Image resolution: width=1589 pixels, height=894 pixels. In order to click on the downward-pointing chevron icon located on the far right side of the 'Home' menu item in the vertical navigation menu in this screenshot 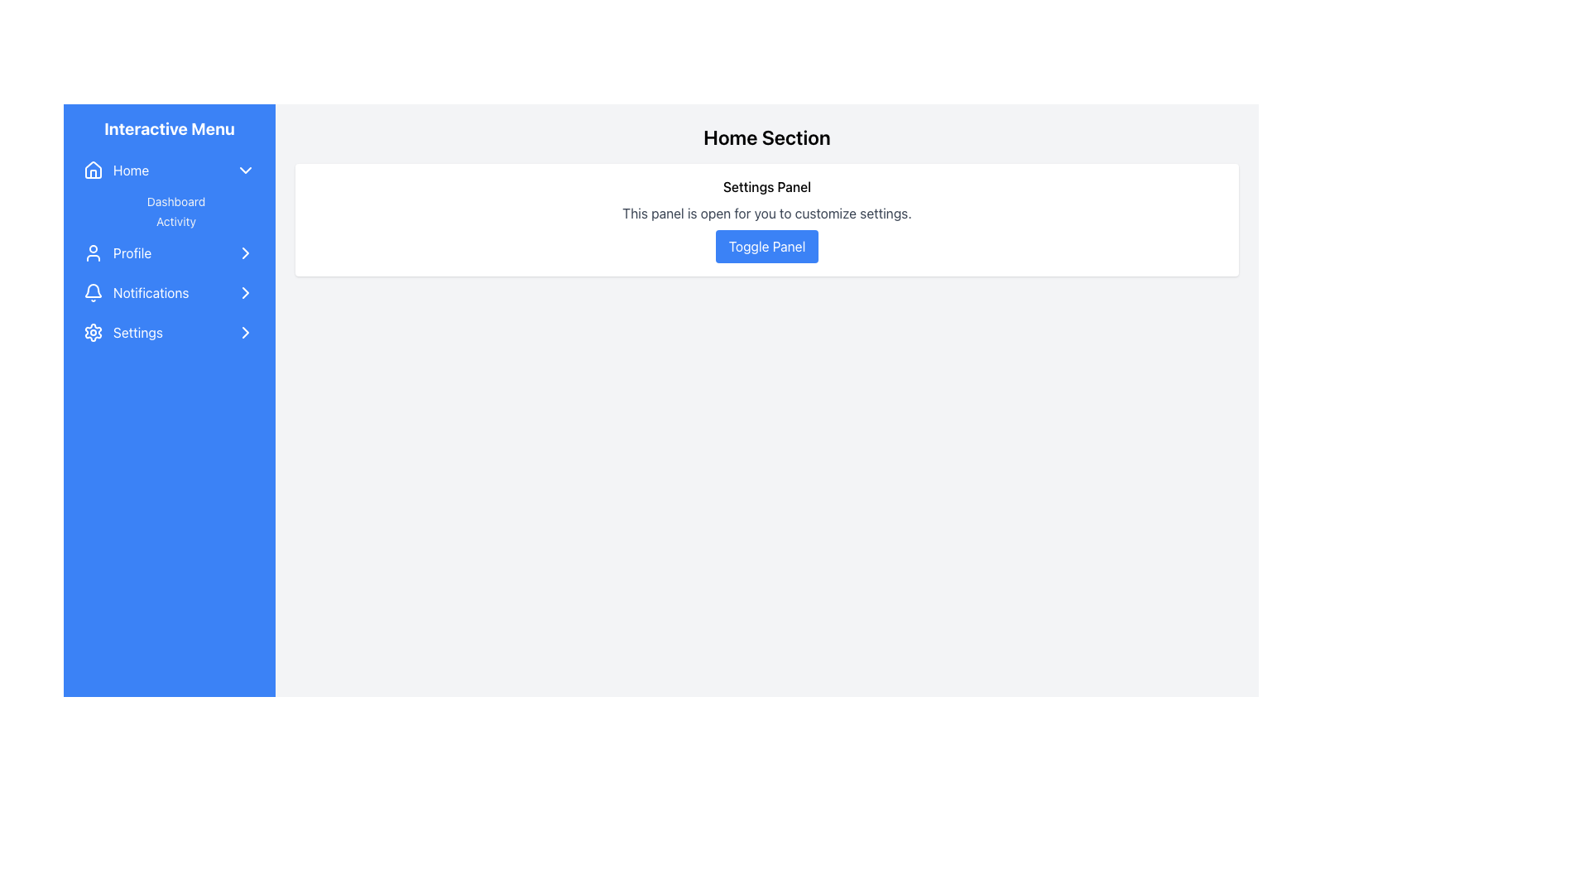, I will do `click(245, 170)`.